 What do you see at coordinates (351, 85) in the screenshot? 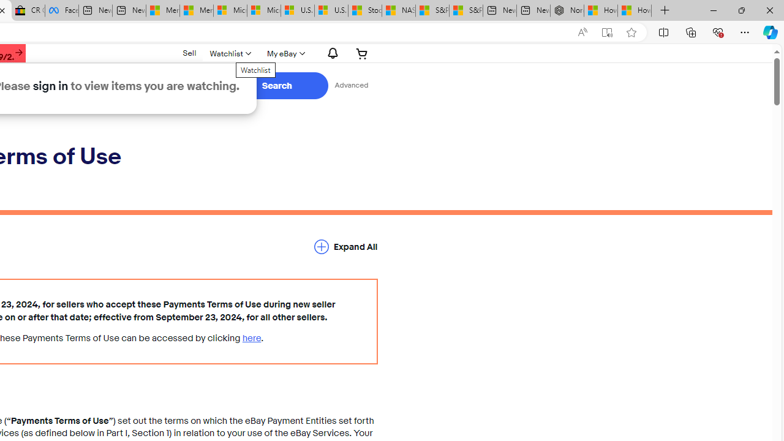
I see `'Advanced Search'` at bounding box center [351, 85].